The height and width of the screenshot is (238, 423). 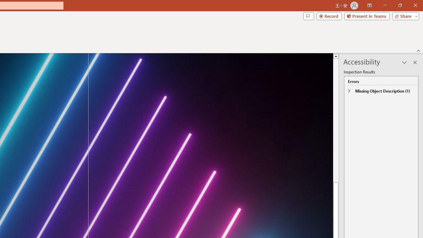 What do you see at coordinates (404, 62) in the screenshot?
I see `'Task Pane Options'` at bounding box center [404, 62].